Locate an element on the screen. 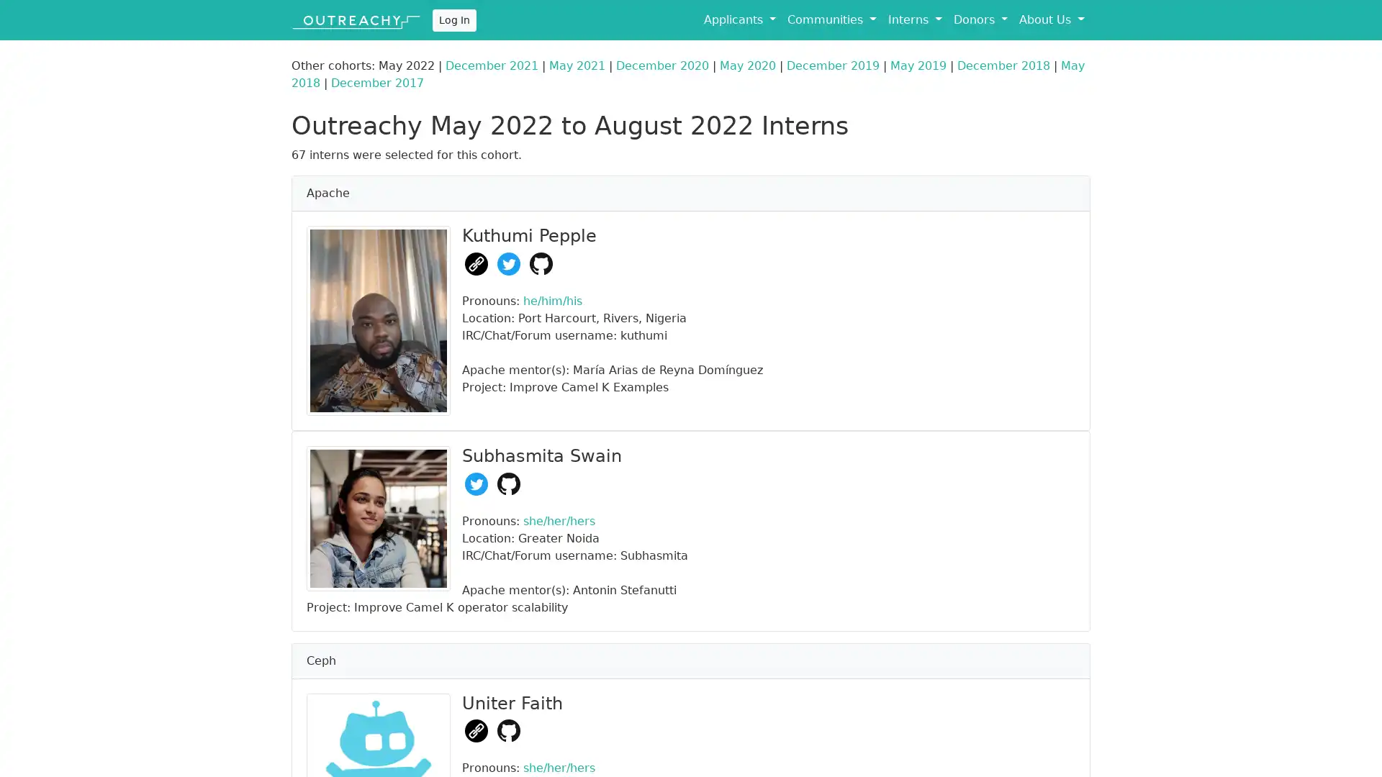 This screenshot has width=1382, height=777. Log In is located at coordinates (453, 19).